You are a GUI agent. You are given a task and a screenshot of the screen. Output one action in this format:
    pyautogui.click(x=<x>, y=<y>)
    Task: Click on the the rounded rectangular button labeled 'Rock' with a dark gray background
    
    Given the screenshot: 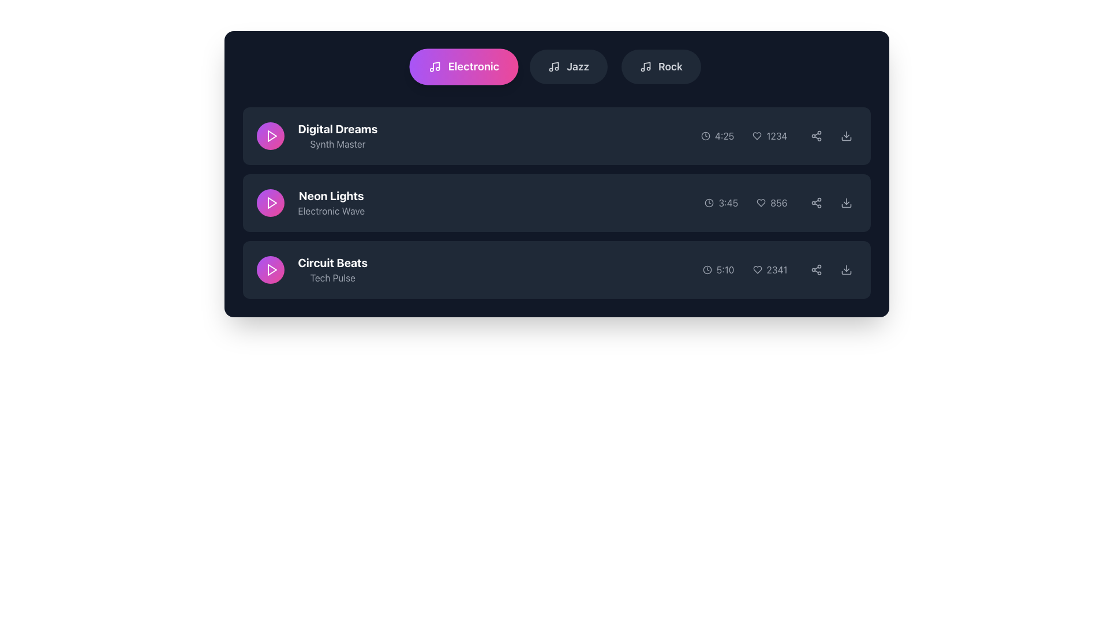 What is the action you would take?
    pyautogui.click(x=661, y=66)
    